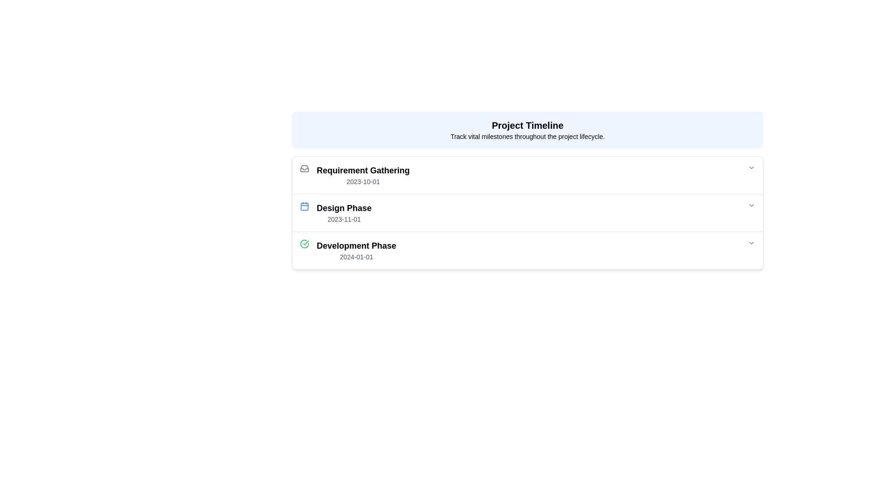 The image size is (893, 502). Describe the element at coordinates (752, 205) in the screenshot. I see `the downward-pointing chevron icon located to the far-right of the 'Design Phase' section in the timeline UI` at that location.